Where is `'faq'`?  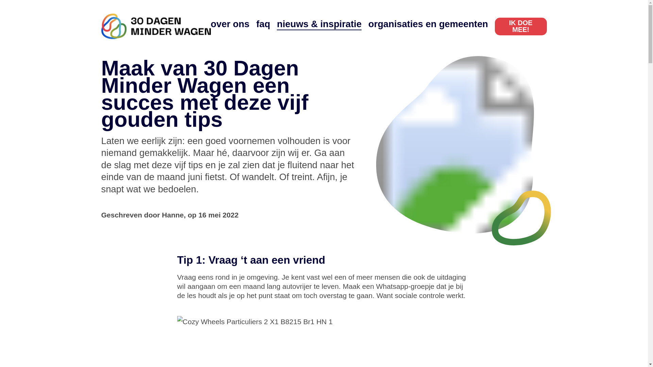 'faq' is located at coordinates (263, 23).